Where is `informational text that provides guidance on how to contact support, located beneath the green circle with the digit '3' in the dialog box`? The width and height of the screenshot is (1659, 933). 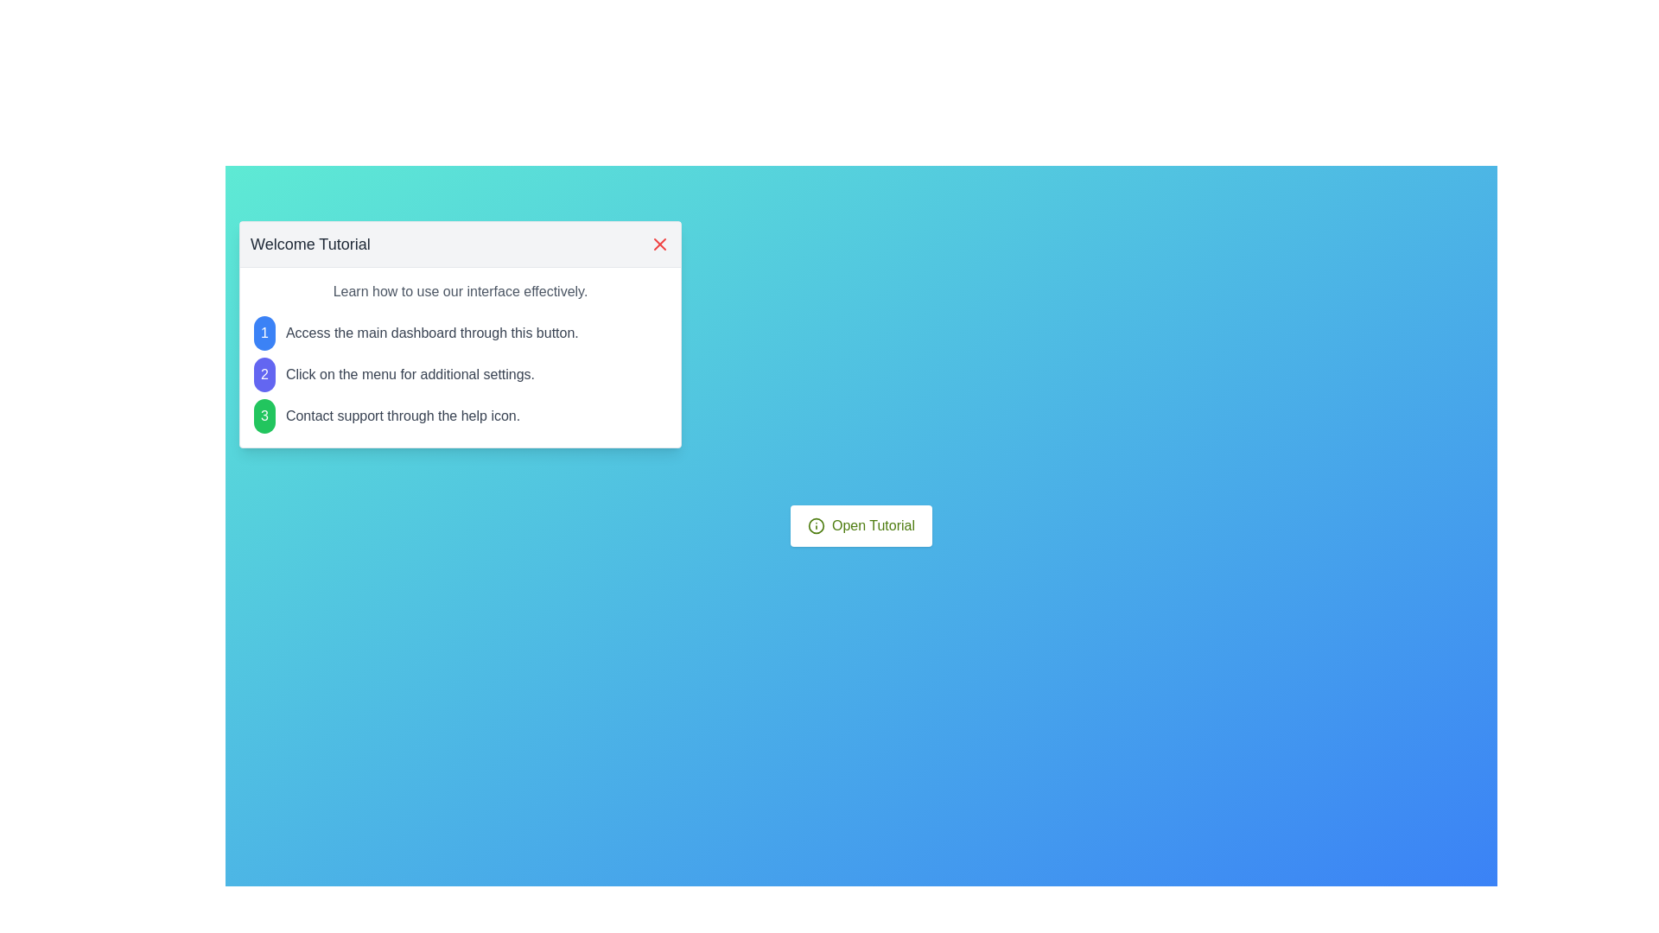 informational text that provides guidance on how to contact support, located beneath the green circle with the digit '3' in the dialog box is located at coordinates (402, 416).